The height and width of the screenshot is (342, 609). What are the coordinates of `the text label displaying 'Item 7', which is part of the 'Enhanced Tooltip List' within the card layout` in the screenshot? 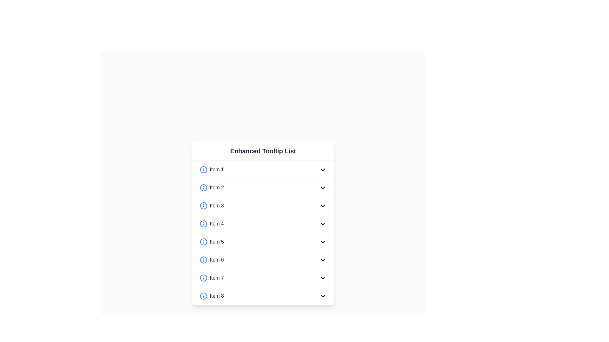 It's located at (217, 278).